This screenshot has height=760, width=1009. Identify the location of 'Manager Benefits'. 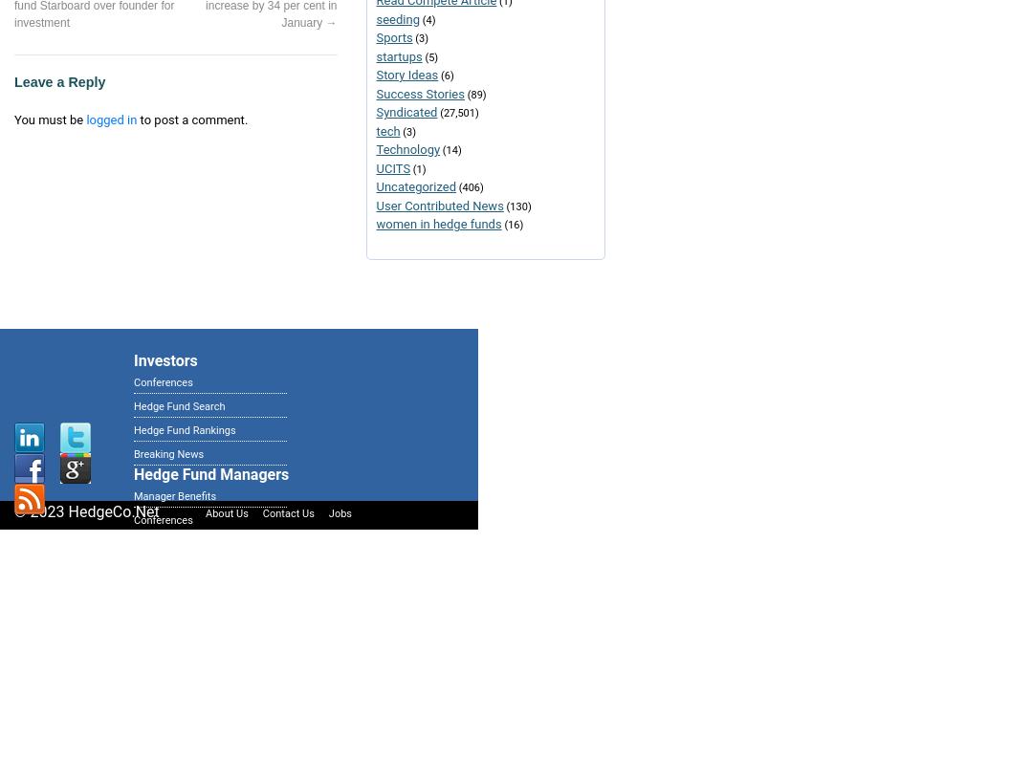
(174, 495).